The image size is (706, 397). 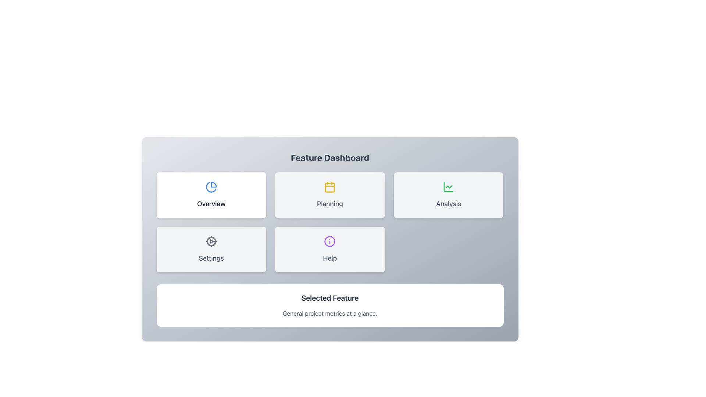 I want to click on the 'Settings' navigation card, which is the fourth option in a grid of six, located at the bottom left corner, so click(x=211, y=249).